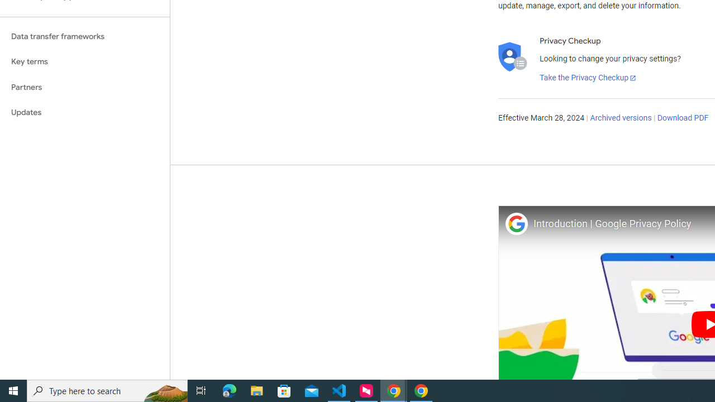 The width and height of the screenshot is (715, 402). What do you see at coordinates (620, 118) in the screenshot?
I see `'Archived versions'` at bounding box center [620, 118].